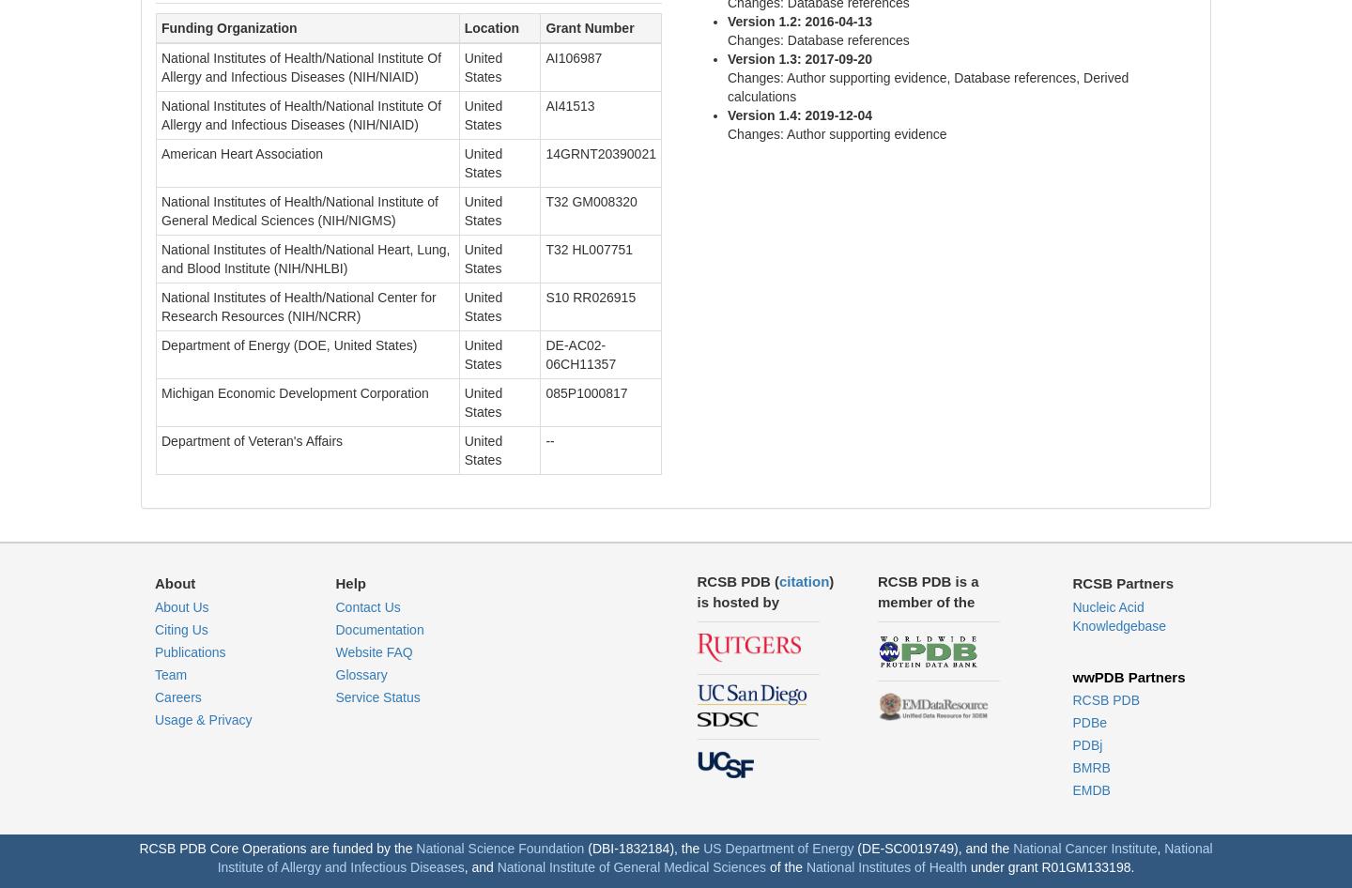 Image resolution: width=1352 pixels, height=888 pixels. What do you see at coordinates (588, 249) in the screenshot?
I see `'T32 HL007751'` at bounding box center [588, 249].